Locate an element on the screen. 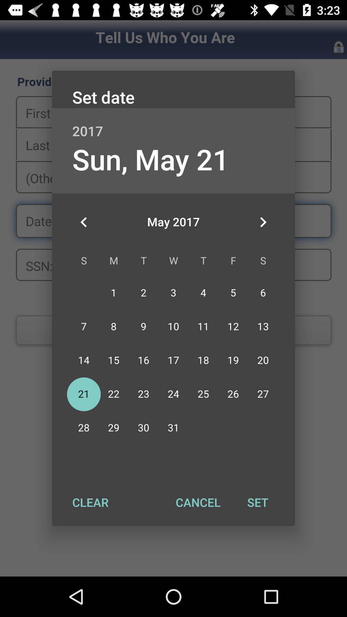  the cancel button is located at coordinates (198, 502).